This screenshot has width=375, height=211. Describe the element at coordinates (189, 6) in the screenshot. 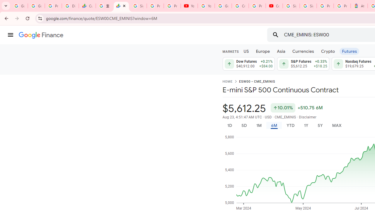

I see `'YouTube'` at that location.